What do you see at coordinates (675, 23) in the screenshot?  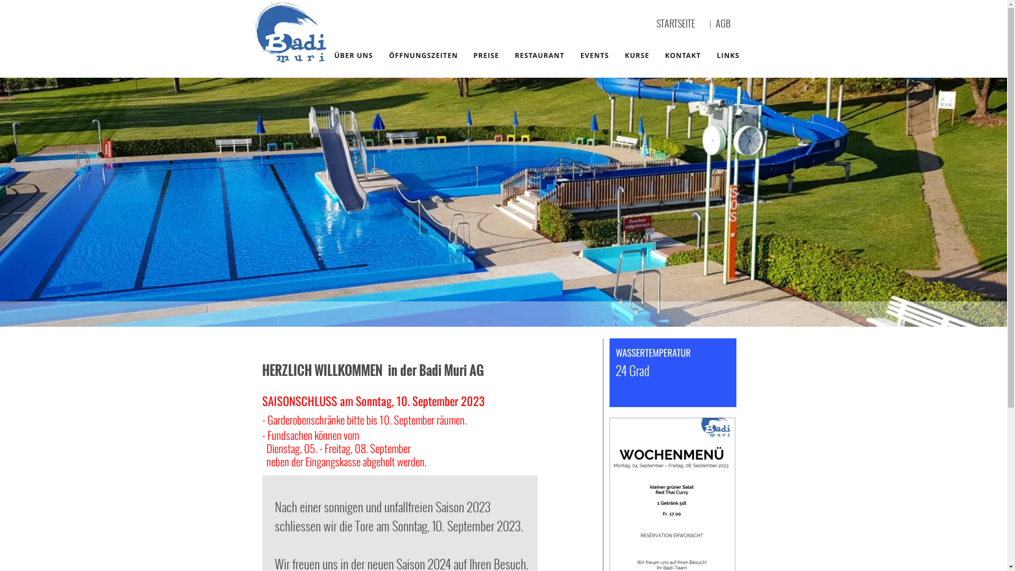 I see `'STARTSEITE'` at bounding box center [675, 23].